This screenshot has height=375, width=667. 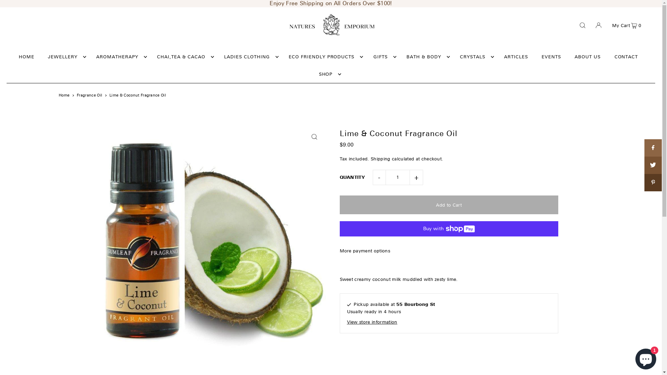 What do you see at coordinates (44, 57) in the screenshot?
I see `'JEWELLERY'` at bounding box center [44, 57].